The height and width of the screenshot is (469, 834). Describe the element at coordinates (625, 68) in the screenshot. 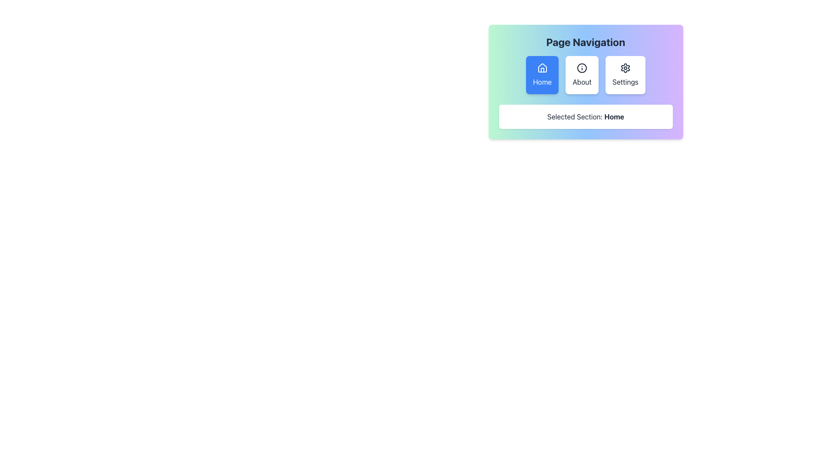

I see `the gear icon representing settings in the top-right section of the navigation panel for accessibility` at that location.